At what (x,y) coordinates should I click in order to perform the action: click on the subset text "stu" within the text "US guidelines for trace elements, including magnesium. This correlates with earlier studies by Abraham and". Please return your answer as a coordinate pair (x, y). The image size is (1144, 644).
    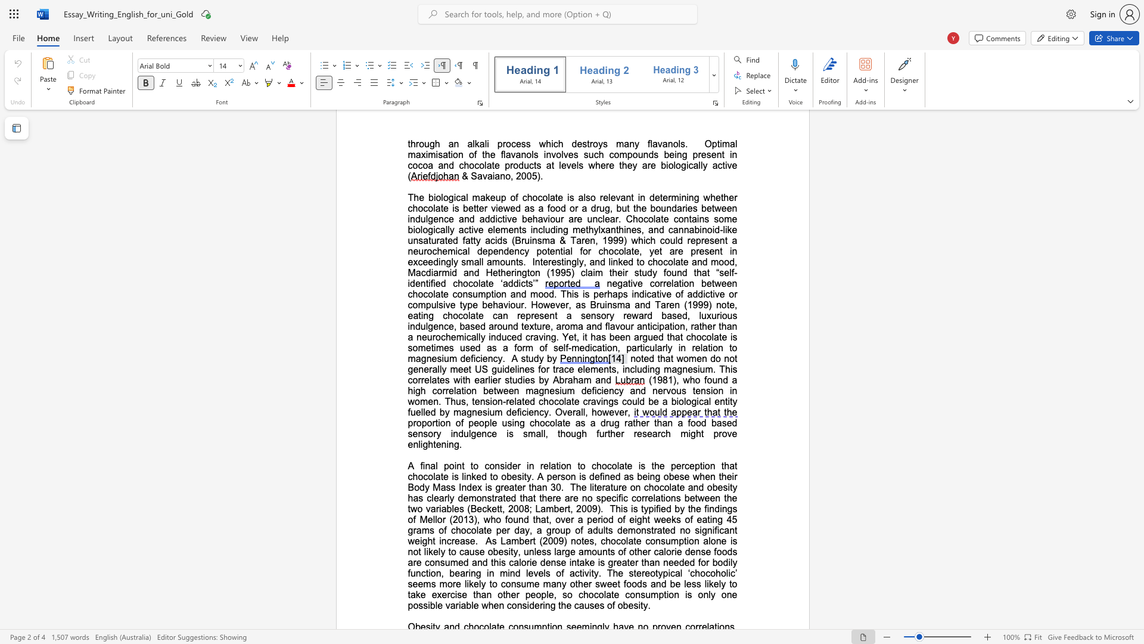
    Looking at the image, I should click on (505, 380).